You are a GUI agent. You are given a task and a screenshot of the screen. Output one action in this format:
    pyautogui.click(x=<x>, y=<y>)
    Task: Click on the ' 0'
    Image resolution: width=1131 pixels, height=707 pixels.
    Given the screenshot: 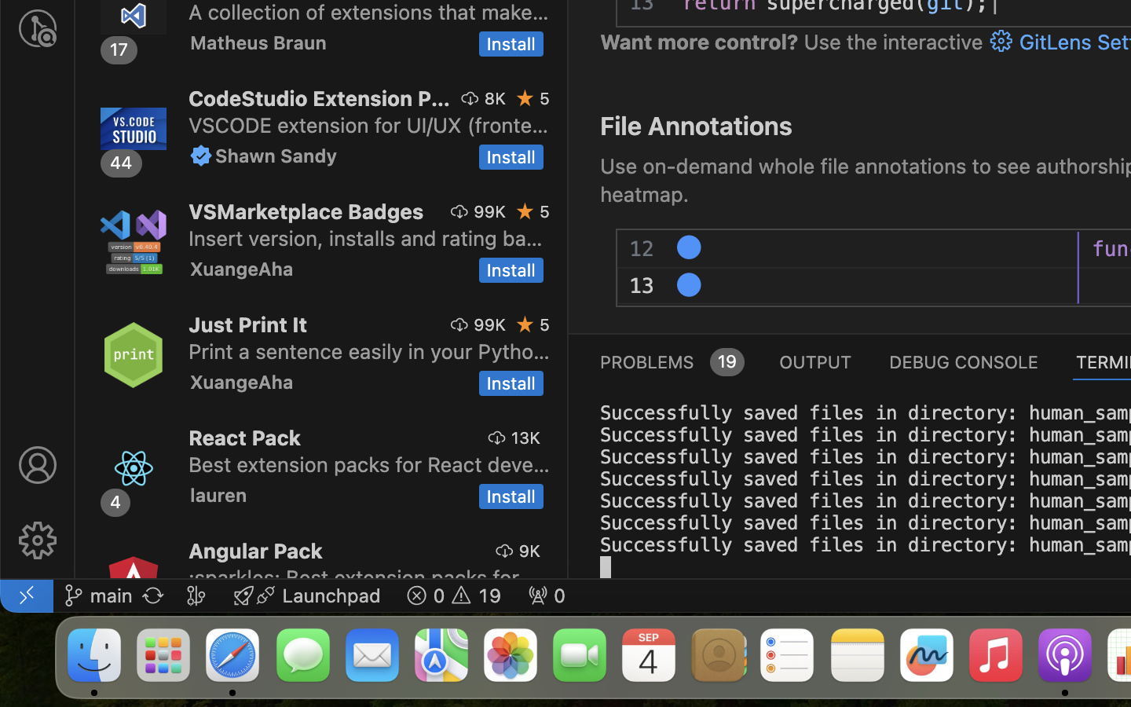 What is the action you would take?
    pyautogui.click(x=546, y=594)
    